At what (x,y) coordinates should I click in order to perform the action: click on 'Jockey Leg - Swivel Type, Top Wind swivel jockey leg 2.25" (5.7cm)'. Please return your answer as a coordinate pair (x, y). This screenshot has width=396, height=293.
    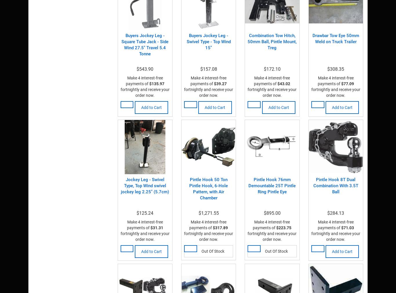
    Looking at the image, I should click on (145, 185).